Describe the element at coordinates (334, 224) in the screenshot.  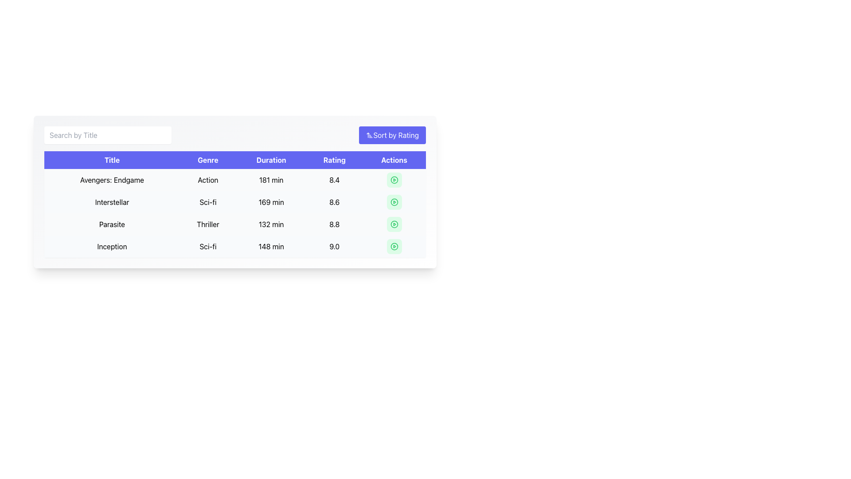
I see `the static text element displaying the rating of the movie 'Parasite', located in the fourth column of the table under the header 'Rating'` at that location.